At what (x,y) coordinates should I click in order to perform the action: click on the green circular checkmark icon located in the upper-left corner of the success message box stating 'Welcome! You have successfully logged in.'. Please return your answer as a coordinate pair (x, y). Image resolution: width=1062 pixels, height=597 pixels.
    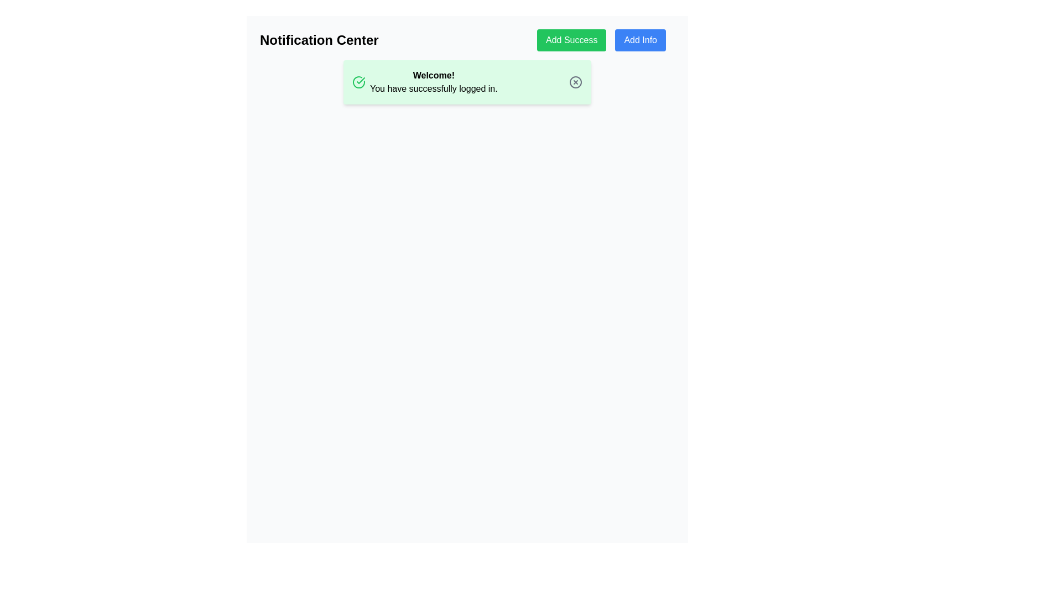
    Looking at the image, I should click on (358, 82).